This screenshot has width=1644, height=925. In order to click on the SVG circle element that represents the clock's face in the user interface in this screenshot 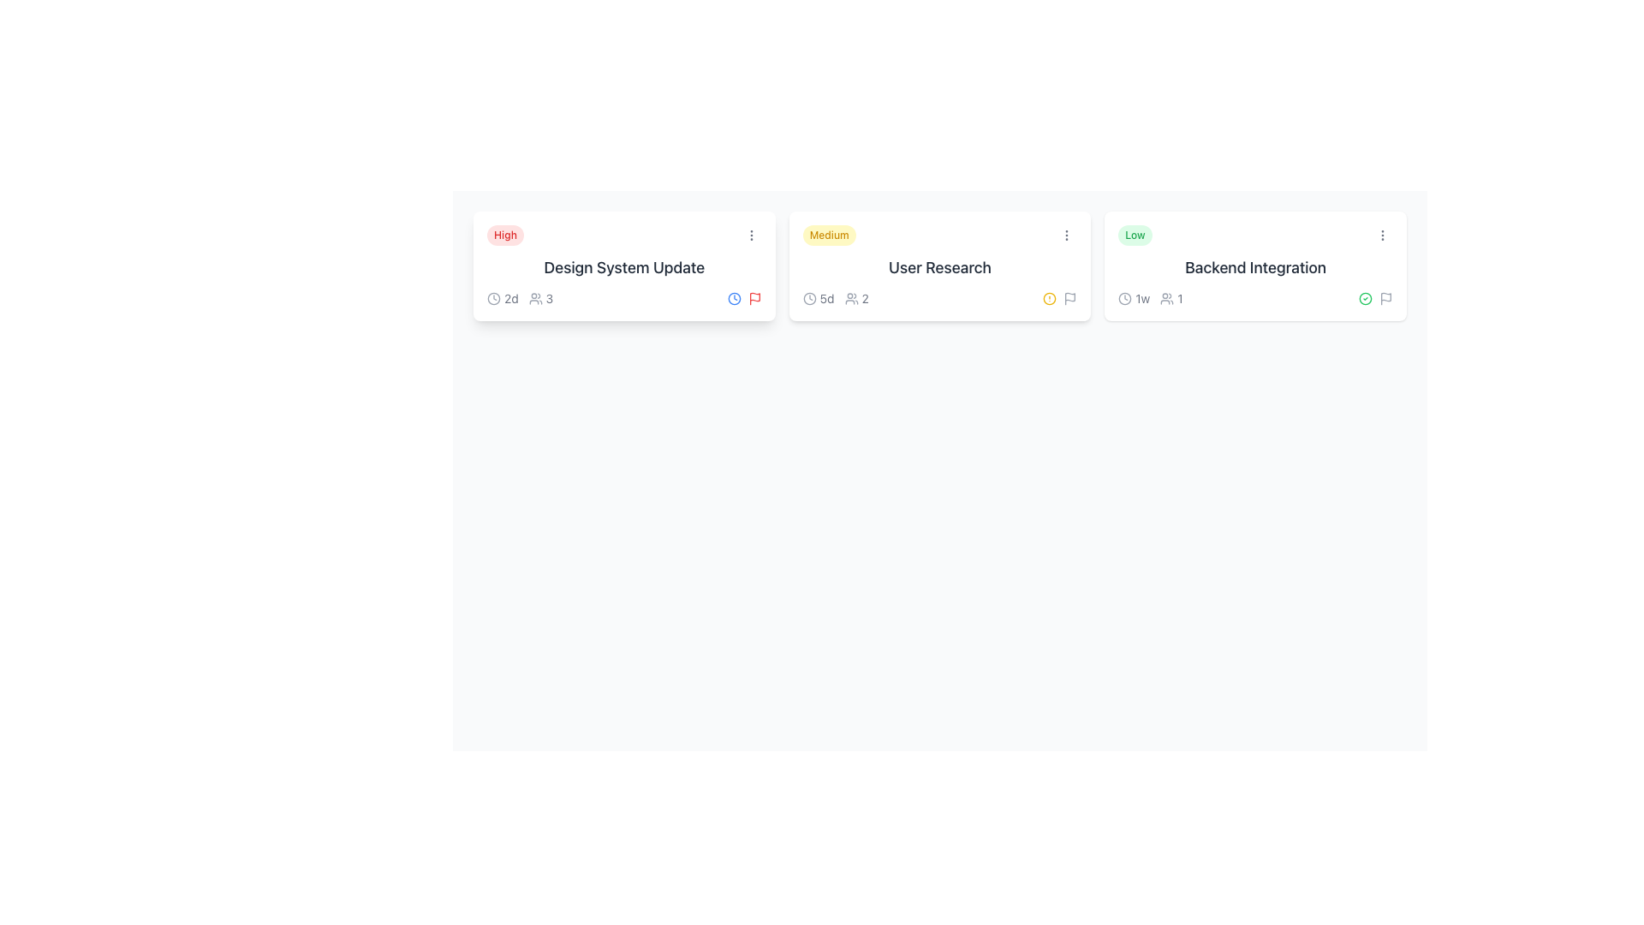, I will do `click(1125, 297)`.